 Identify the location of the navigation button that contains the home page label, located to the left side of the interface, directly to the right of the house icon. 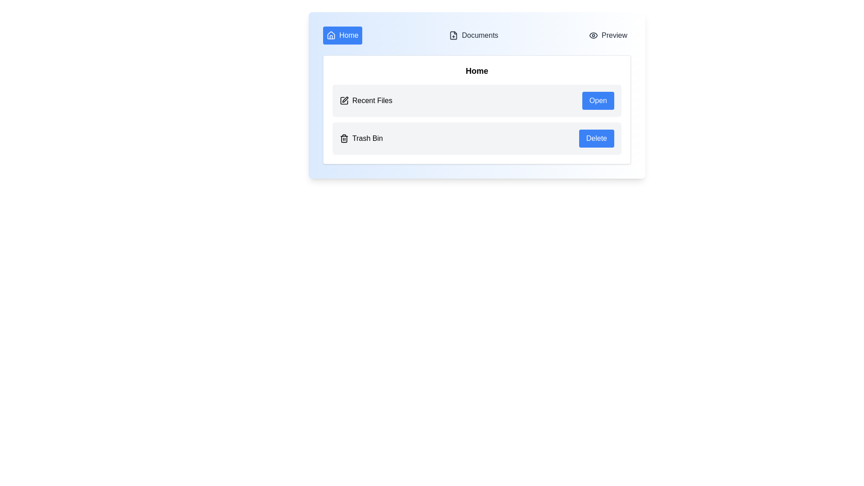
(348, 35).